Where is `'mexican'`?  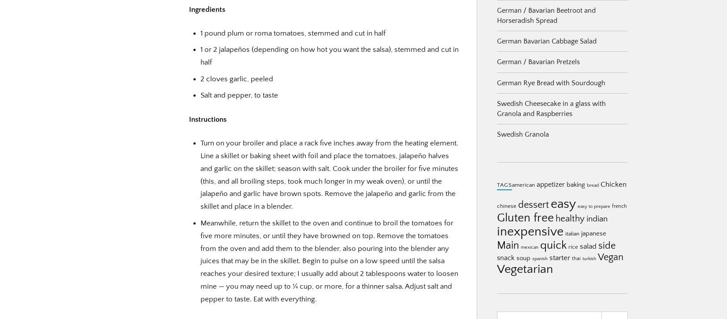 'mexican' is located at coordinates (521, 247).